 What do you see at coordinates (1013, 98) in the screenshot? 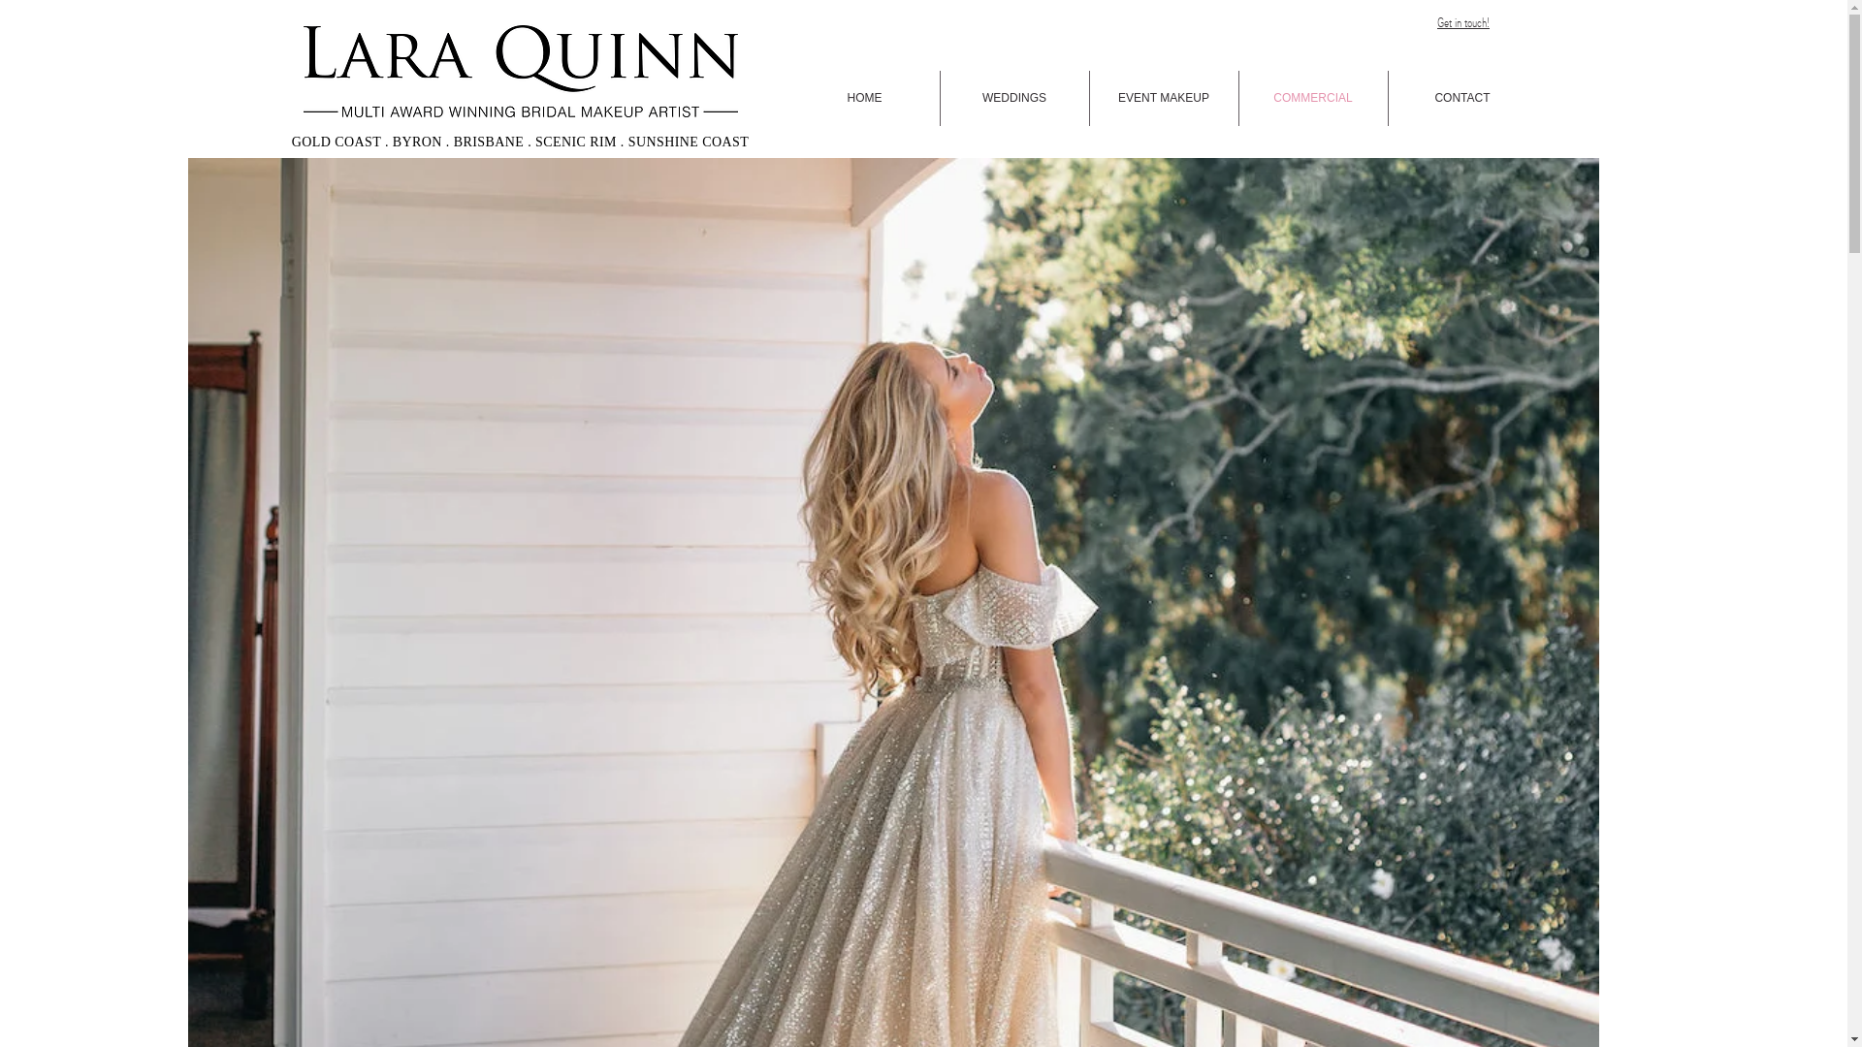
I see `'WEDDINGS'` at bounding box center [1013, 98].